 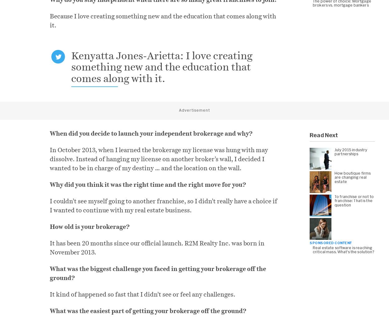 I want to click on 'What was the easiest part of getting your brokerage off the ground?', so click(x=148, y=311).